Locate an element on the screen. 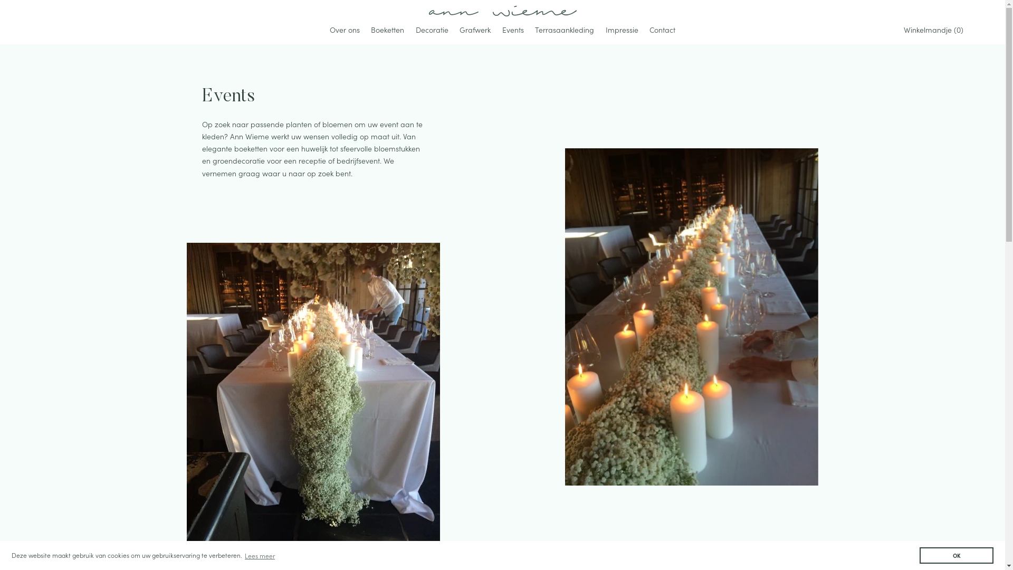 The width and height of the screenshot is (1013, 570). 'Lees meer' is located at coordinates (260, 555).